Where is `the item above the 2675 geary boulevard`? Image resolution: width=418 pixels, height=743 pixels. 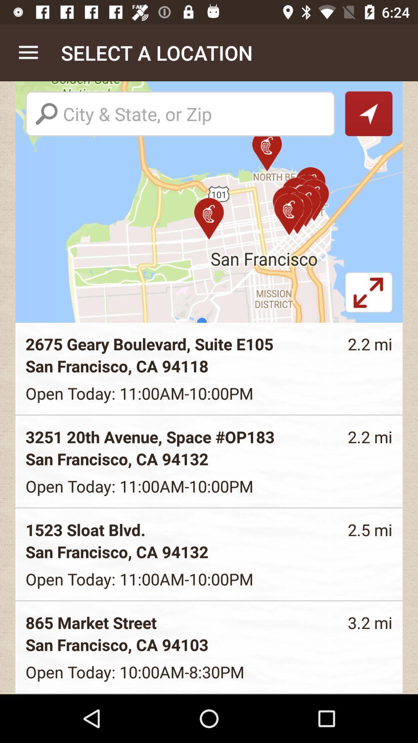
the item above the 2675 geary boulevard is located at coordinates (368, 297).